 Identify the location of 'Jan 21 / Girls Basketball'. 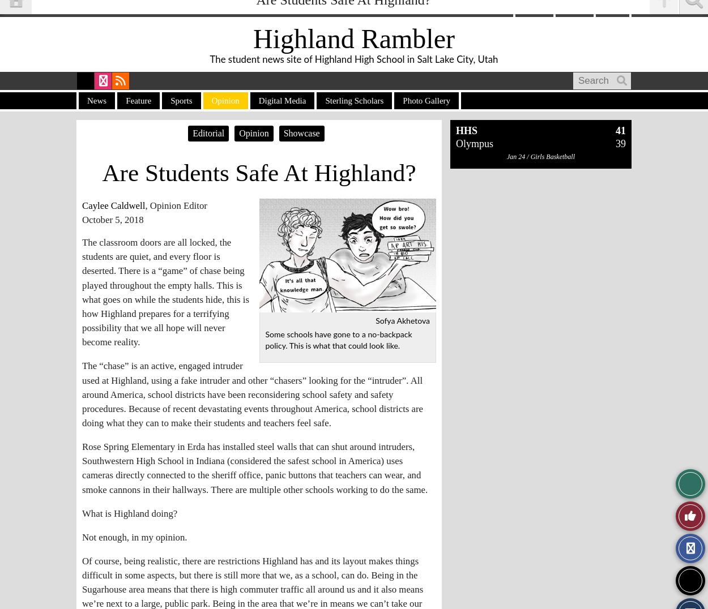
(540, 254).